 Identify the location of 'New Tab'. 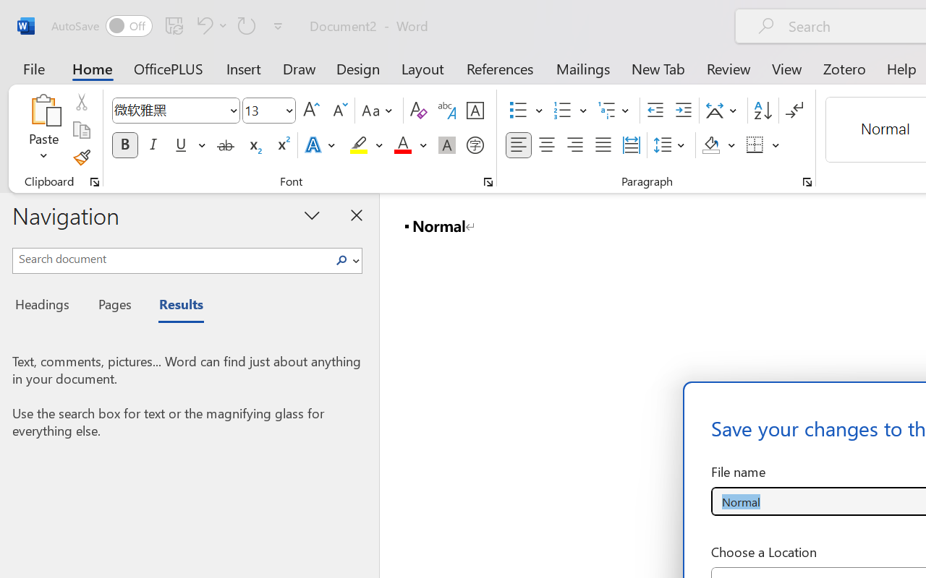
(658, 68).